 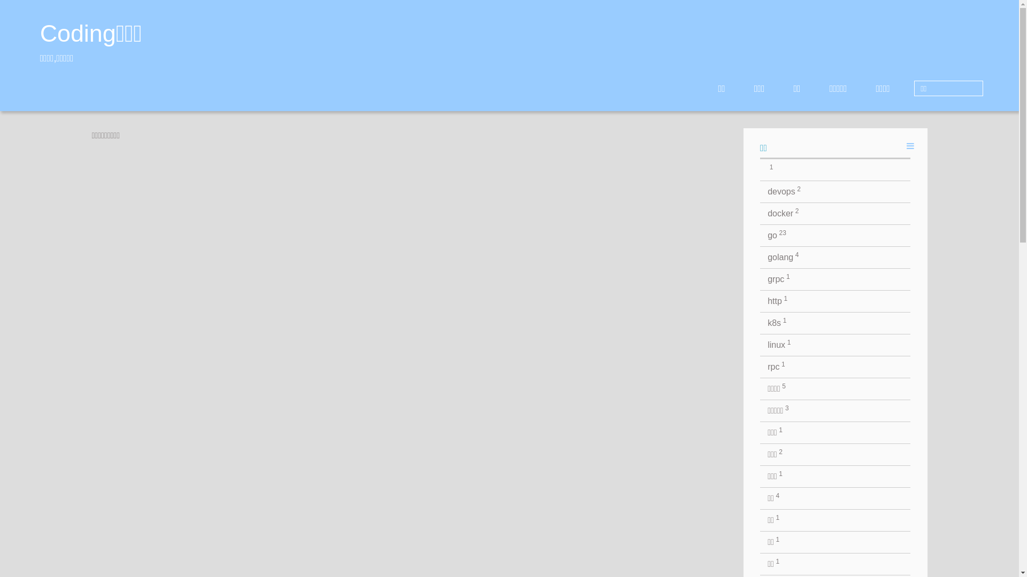 What do you see at coordinates (834, 191) in the screenshot?
I see `'devops2'` at bounding box center [834, 191].